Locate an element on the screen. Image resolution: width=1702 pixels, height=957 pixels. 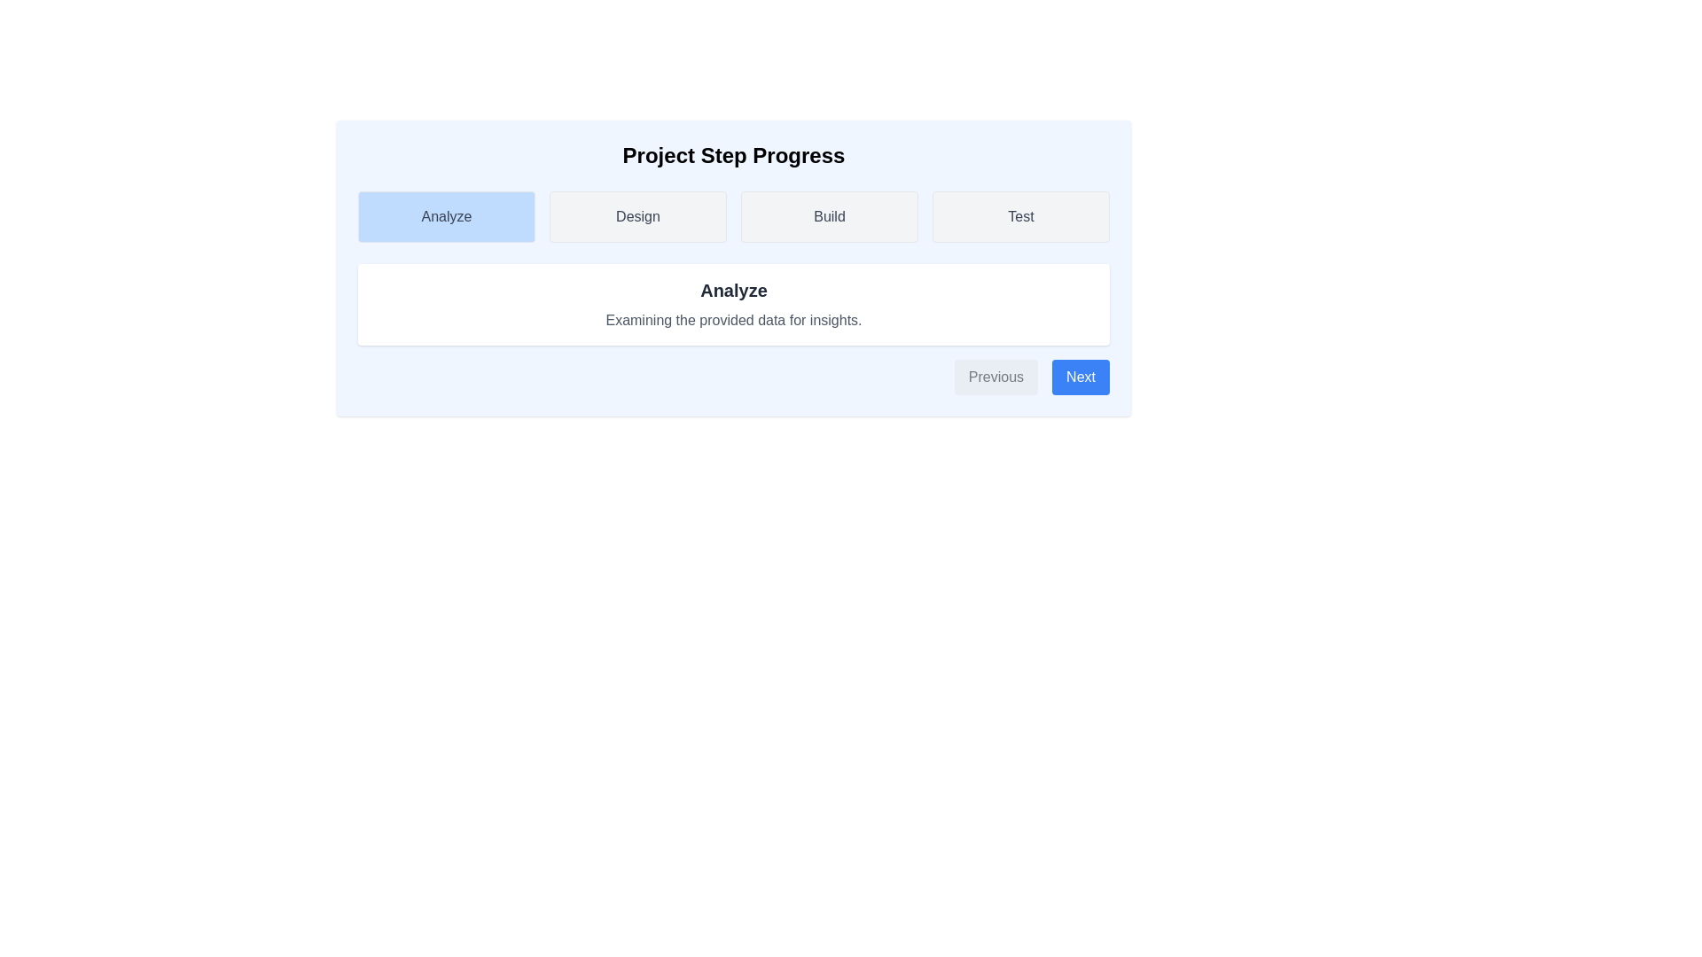
the 'Previous' button located in the bottom-right section of the interface to observe any visual effects implemented for this button is located at coordinates (995, 376).